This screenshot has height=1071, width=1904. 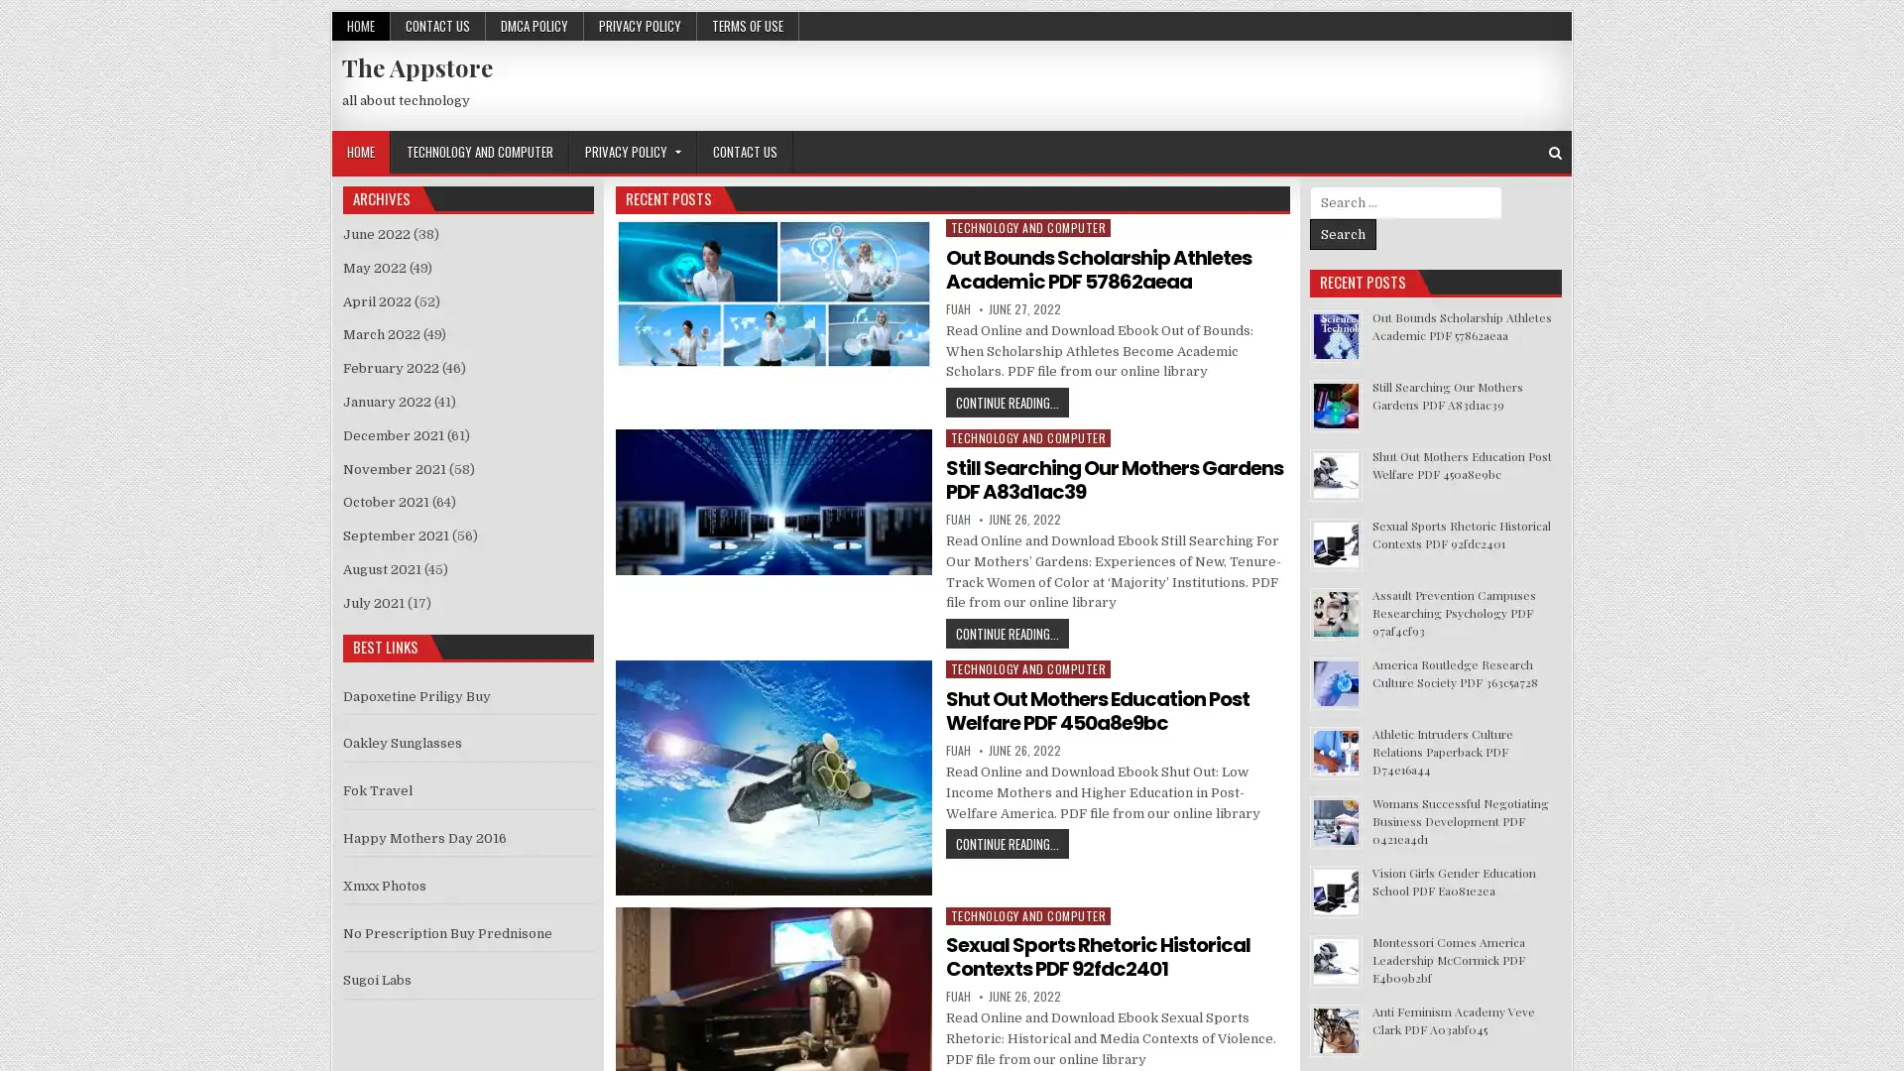 I want to click on Search, so click(x=1343, y=233).